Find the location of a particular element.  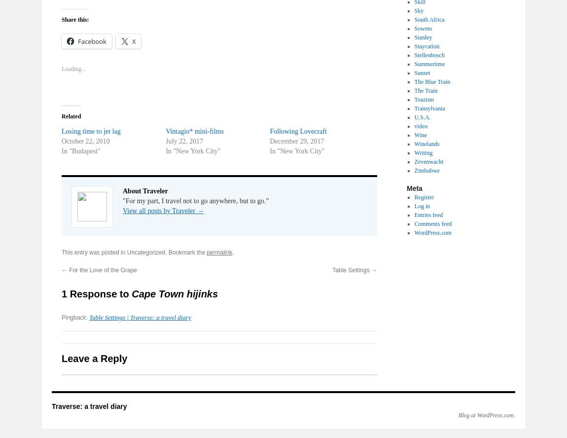

'Sky' is located at coordinates (418, 11).